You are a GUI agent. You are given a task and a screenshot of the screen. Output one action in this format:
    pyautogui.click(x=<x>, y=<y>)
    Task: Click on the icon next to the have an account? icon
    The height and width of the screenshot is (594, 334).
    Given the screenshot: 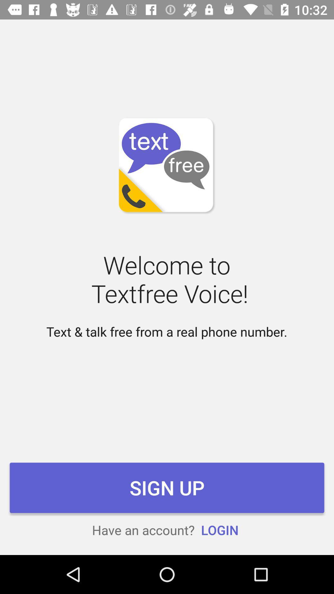 What is the action you would take?
    pyautogui.click(x=219, y=530)
    